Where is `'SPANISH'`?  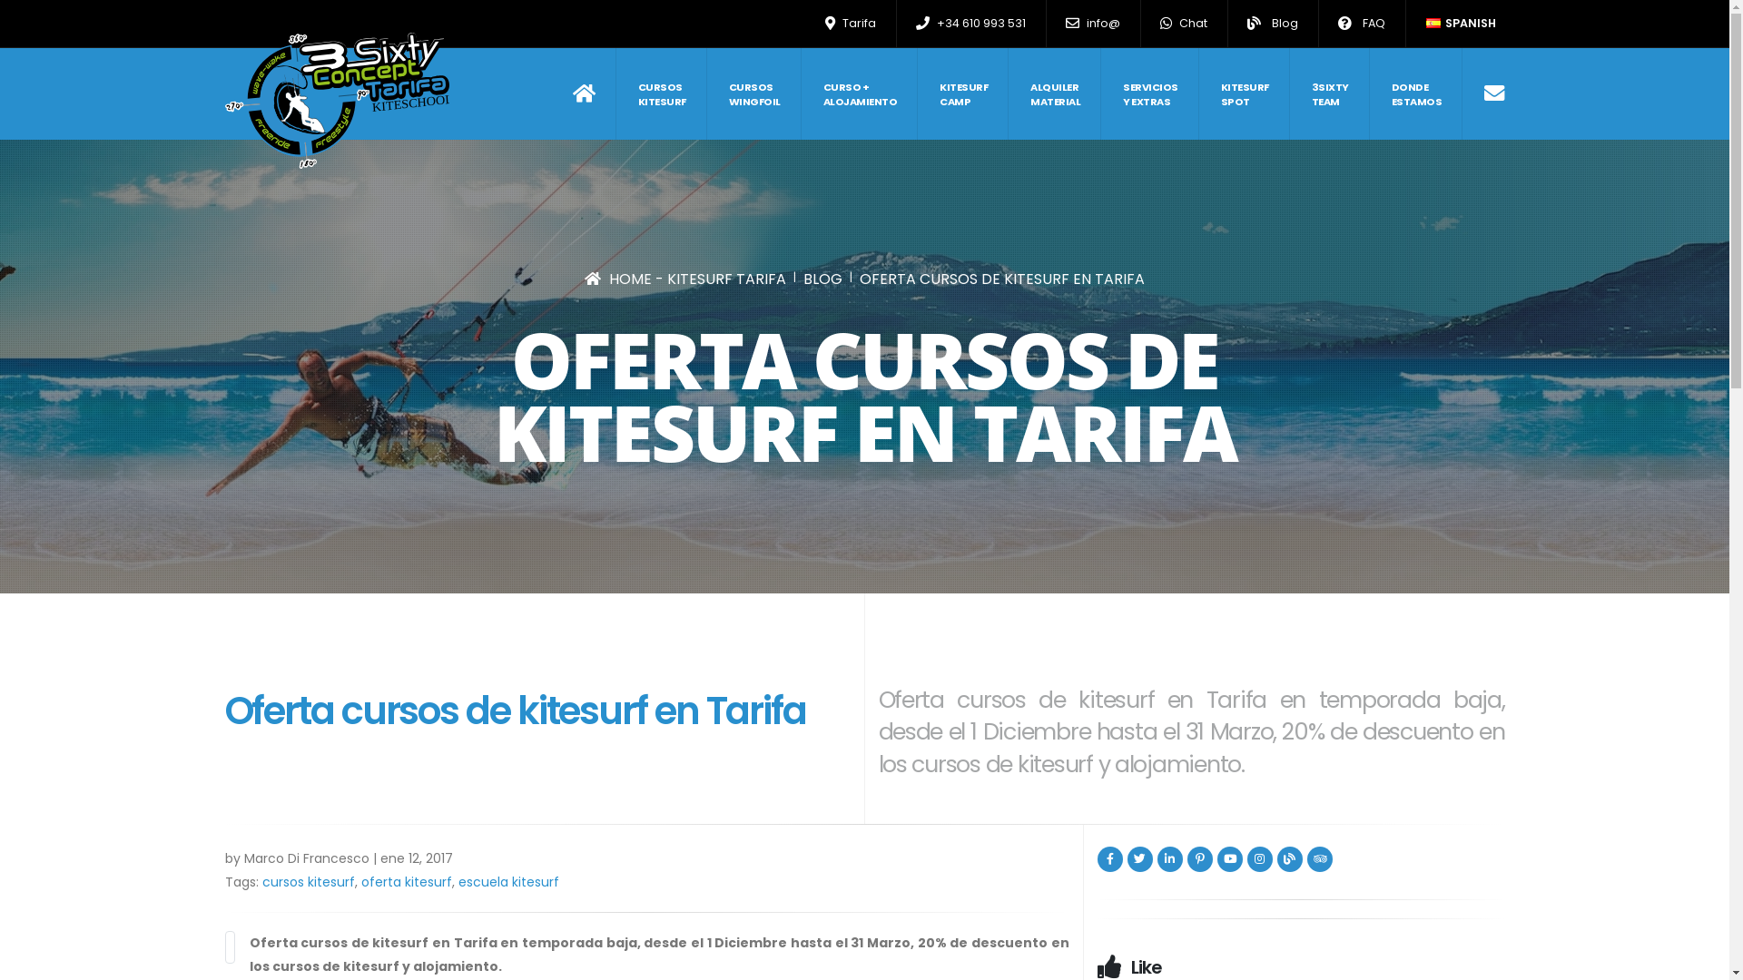 'SPANISH' is located at coordinates (1460, 24).